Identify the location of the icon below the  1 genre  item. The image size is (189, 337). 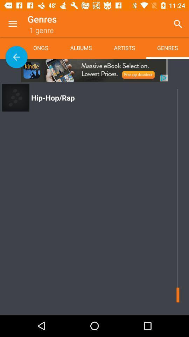
(46, 47).